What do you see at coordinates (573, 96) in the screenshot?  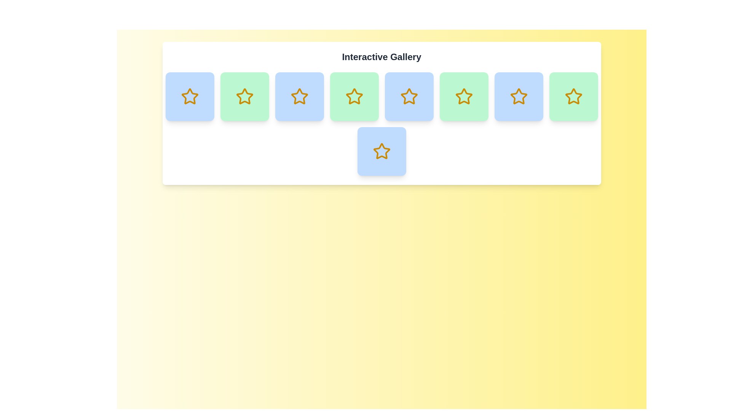 I see `the last star icon in the gallery, which serves as an interactive visual indicator for selection or rating` at bounding box center [573, 96].